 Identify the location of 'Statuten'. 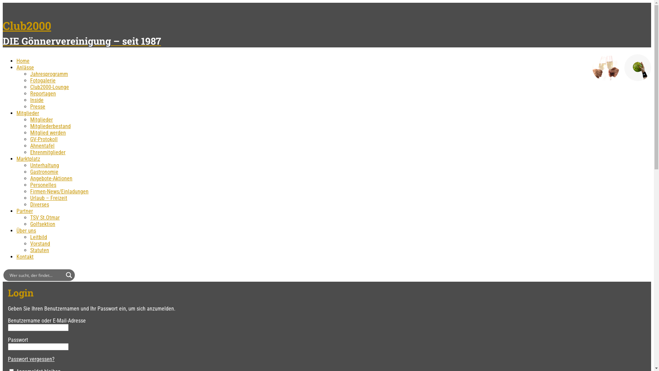
(39, 250).